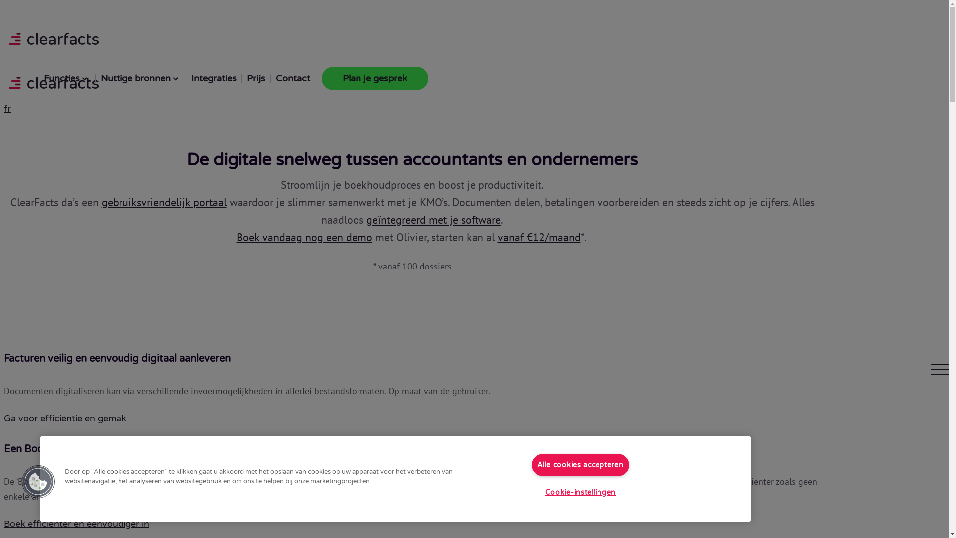  What do you see at coordinates (581, 492) in the screenshot?
I see `'Cookie-instellingen'` at bounding box center [581, 492].